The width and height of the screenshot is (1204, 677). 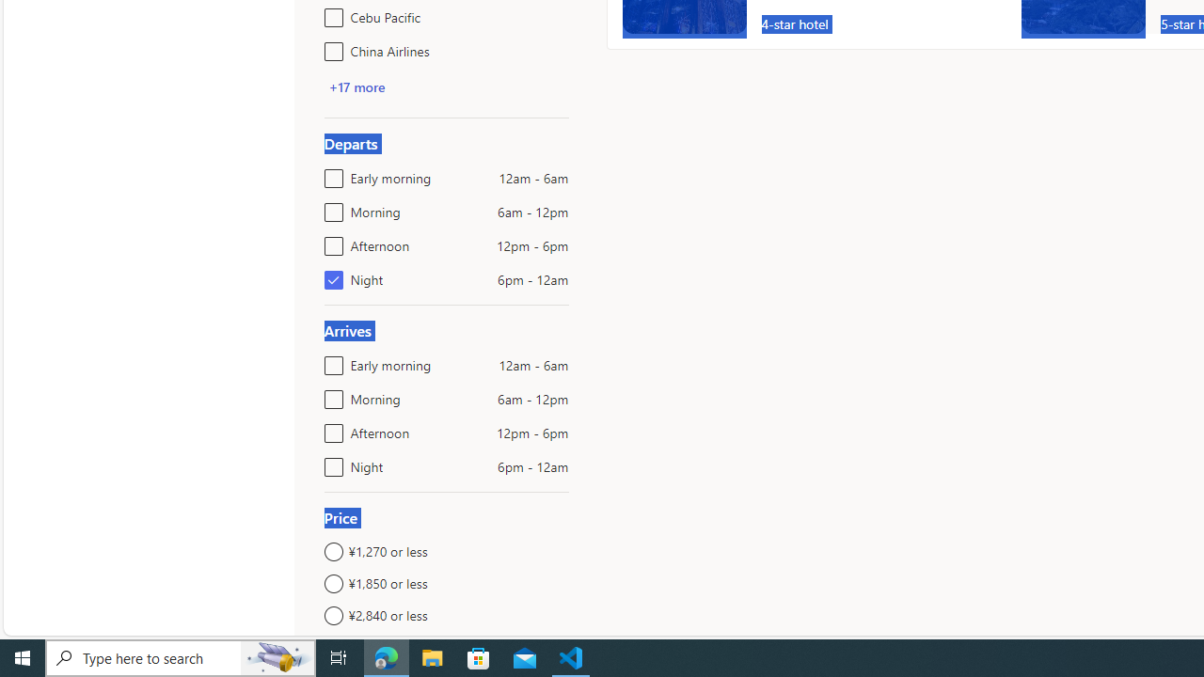 I want to click on 'China Airlines', so click(x=330, y=47).